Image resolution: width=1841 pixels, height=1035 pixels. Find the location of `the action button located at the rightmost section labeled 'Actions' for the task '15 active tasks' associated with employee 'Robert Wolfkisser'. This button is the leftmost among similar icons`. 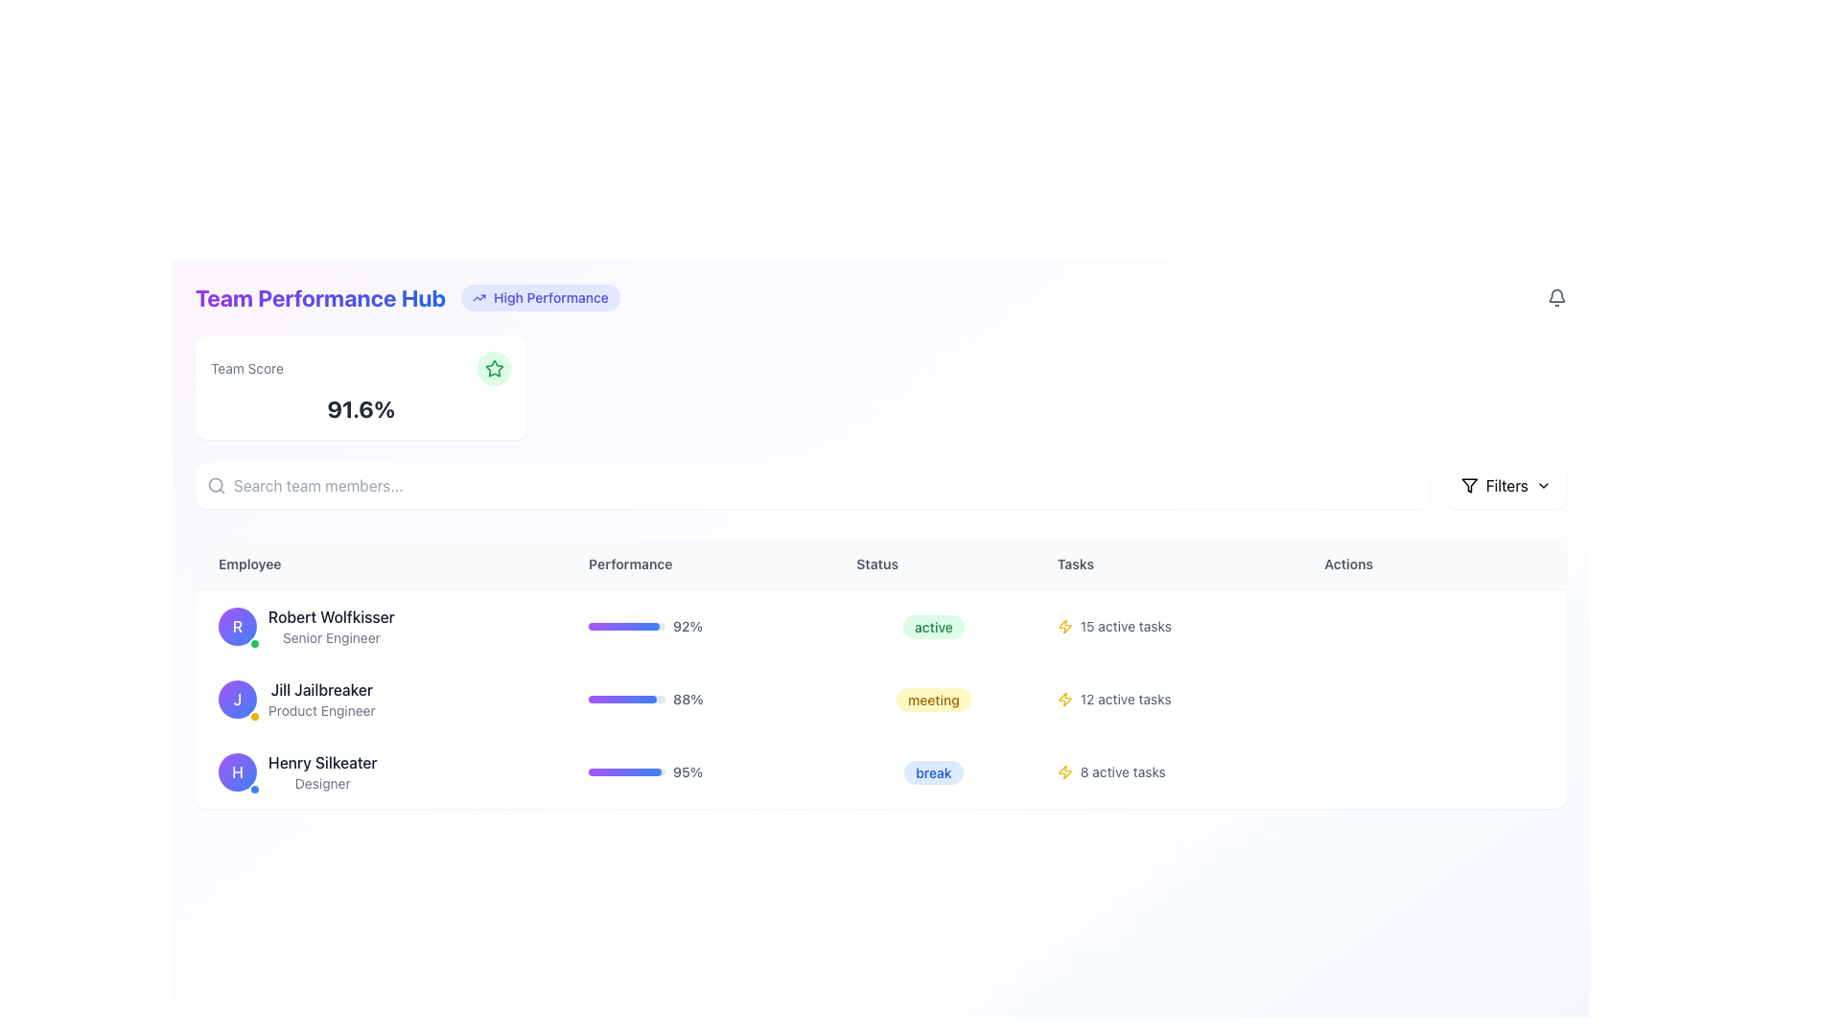

the action button located at the rightmost section labeled 'Actions' for the task '15 active tasks' associated with employee 'Robert Wolfkisser'. This button is the leftmost among similar icons is located at coordinates (1340, 627).